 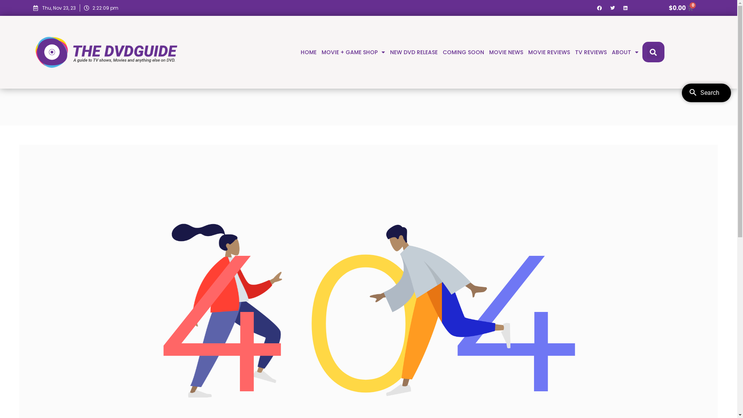 What do you see at coordinates (625, 52) in the screenshot?
I see `'ABOUT'` at bounding box center [625, 52].